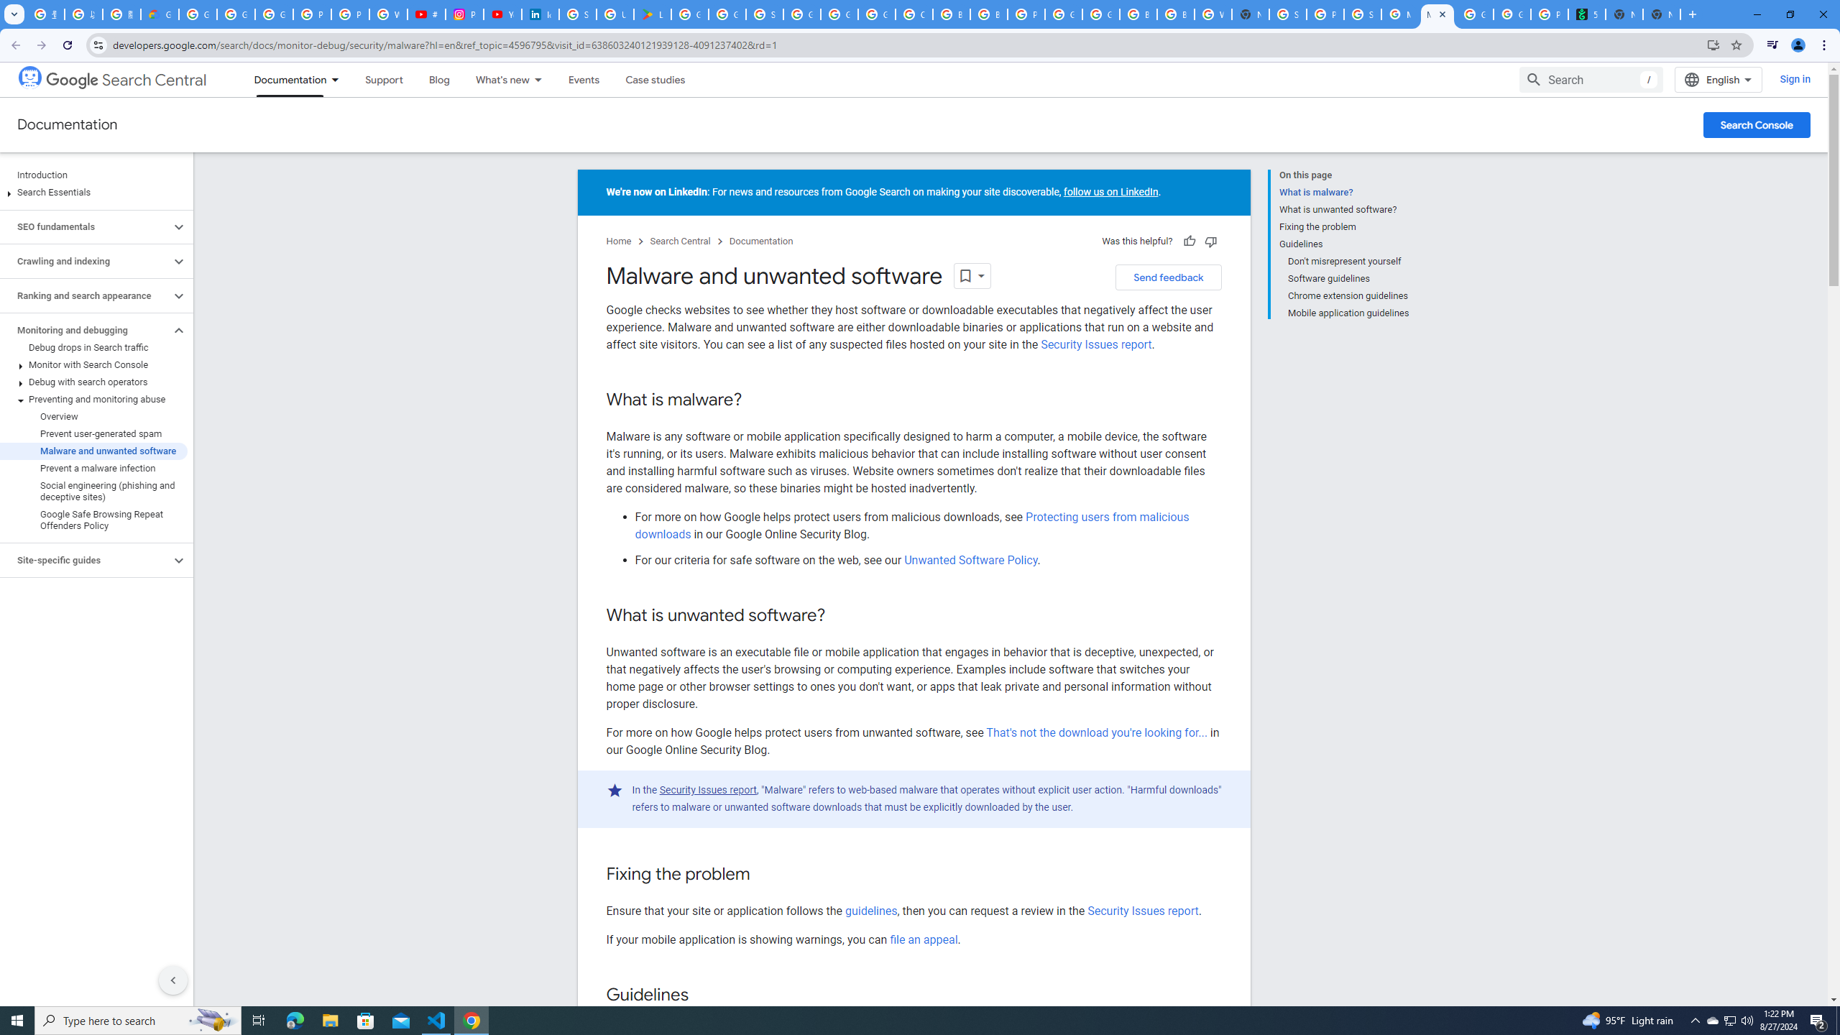  What do you see at coordinates (1348, 278) in the screenshot?
I see `'Software guidelines'` at bounding box center [1348, 278].